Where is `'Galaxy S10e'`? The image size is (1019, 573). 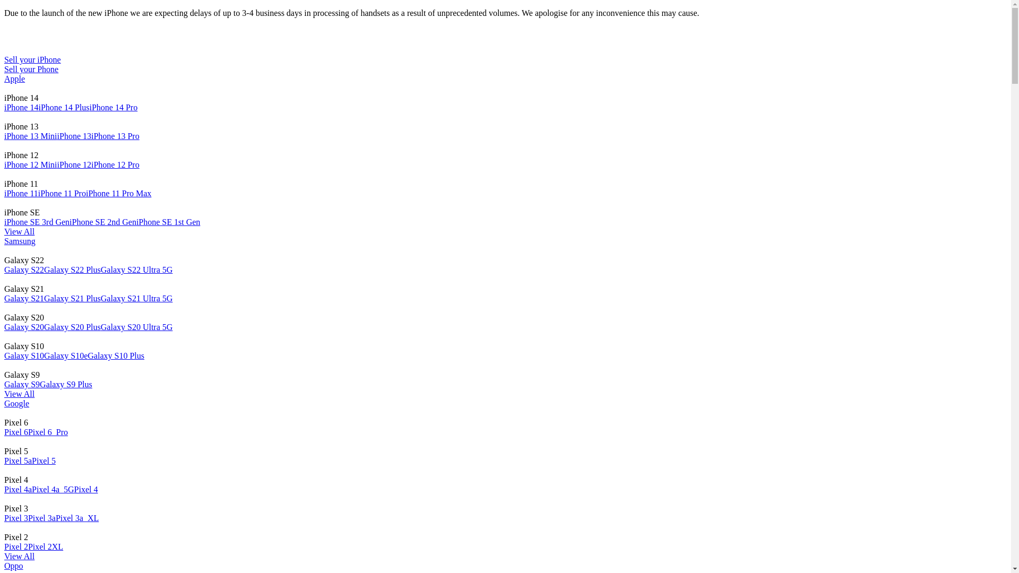 'Galaxy S10e' is located at coordinates (65, 355).